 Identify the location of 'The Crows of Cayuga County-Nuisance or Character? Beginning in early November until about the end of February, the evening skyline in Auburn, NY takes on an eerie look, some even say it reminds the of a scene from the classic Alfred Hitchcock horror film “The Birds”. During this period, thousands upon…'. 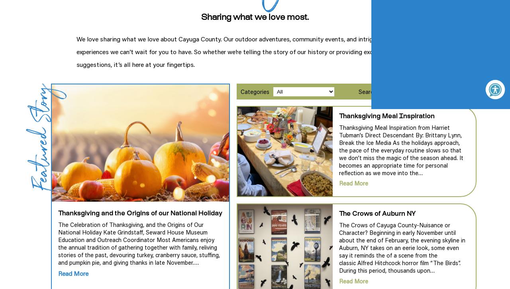
(402, 247).